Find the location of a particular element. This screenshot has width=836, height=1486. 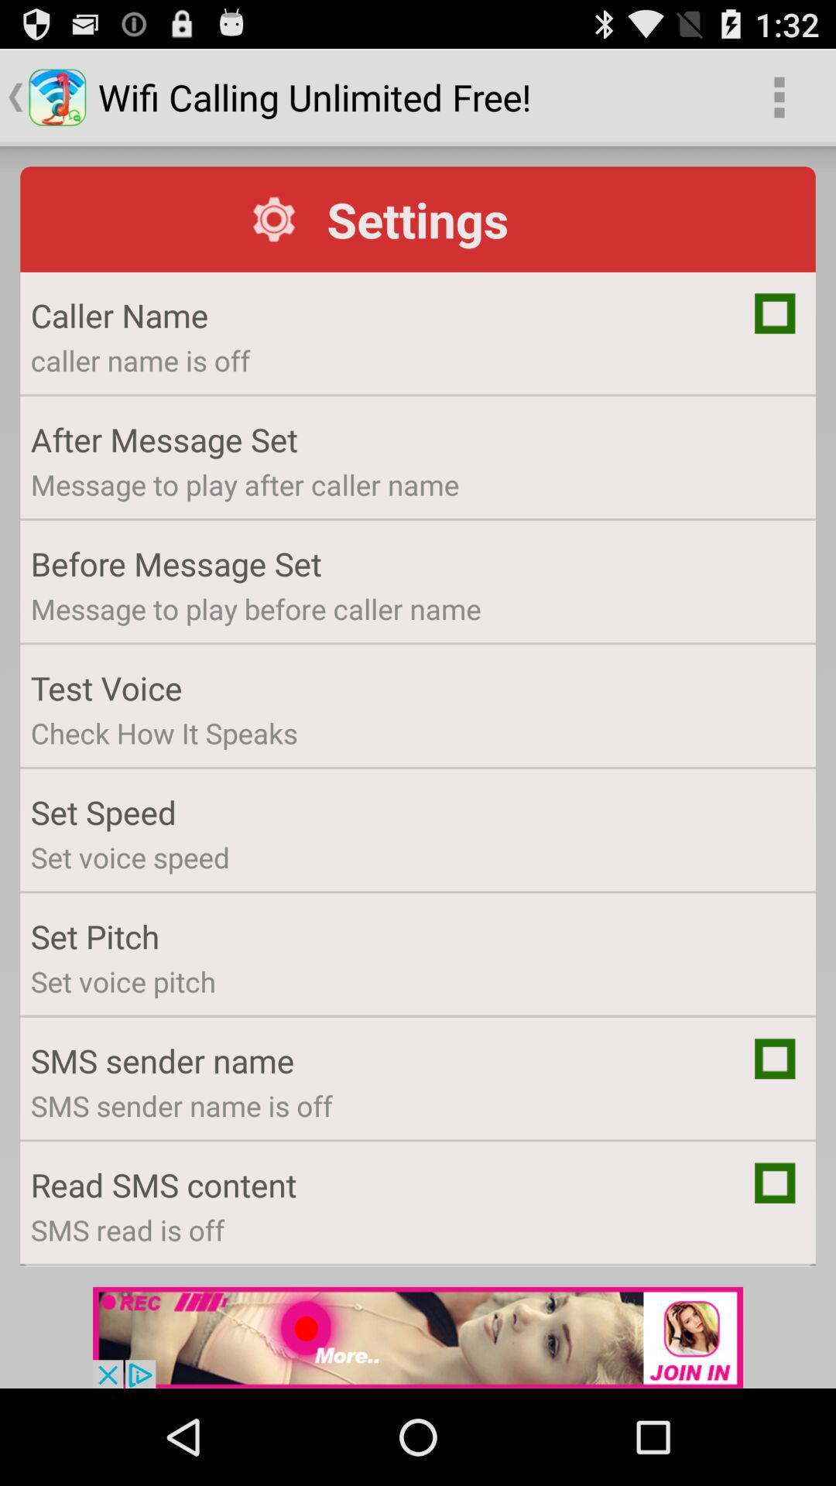

check box to read sms is located at coordinates (775, 1182).